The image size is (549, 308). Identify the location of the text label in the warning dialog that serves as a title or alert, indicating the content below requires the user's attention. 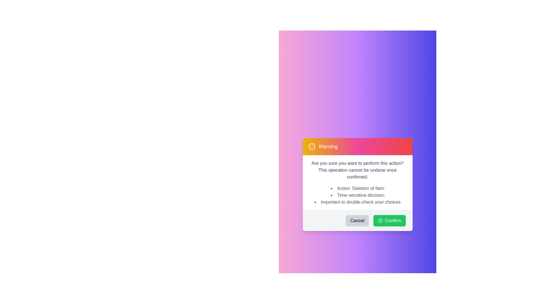
(328, 146).